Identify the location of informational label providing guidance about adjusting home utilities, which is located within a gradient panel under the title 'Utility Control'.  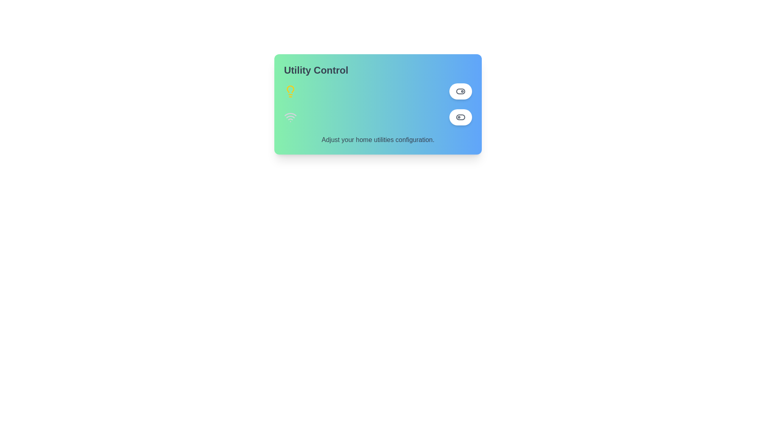
(377, 140).